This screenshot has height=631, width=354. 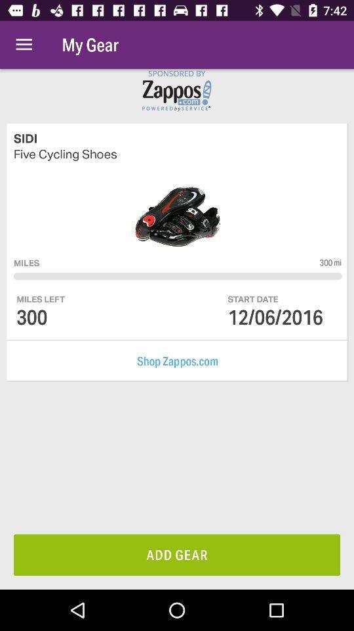 What do you see at coordinates (41, 299) in the screenshot?
I see `the item next to the start date icon` at bounding box center [41, 299].